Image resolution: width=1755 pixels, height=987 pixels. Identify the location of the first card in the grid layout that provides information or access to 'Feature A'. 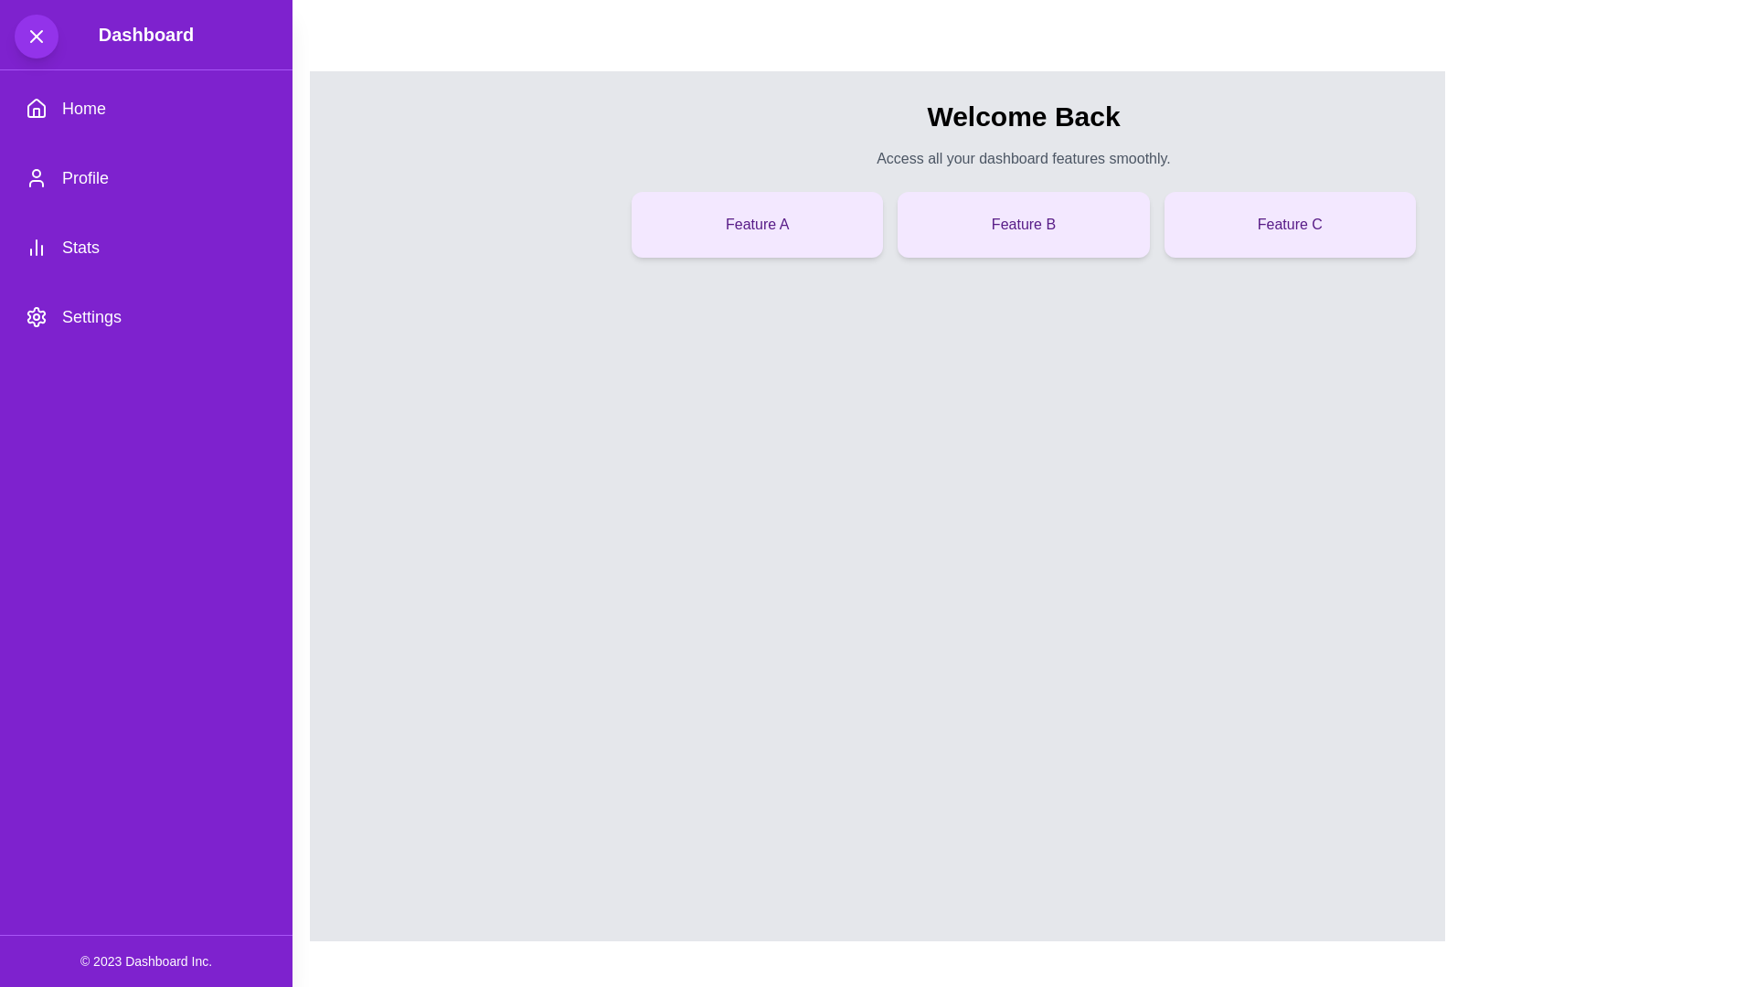
(757, 224).